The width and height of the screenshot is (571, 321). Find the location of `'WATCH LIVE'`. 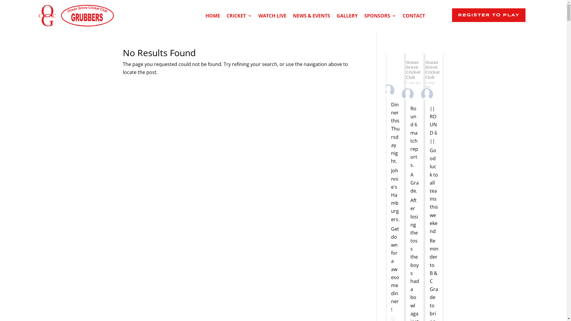

'WATCH LIVE' is located at coordinates (272, 17).